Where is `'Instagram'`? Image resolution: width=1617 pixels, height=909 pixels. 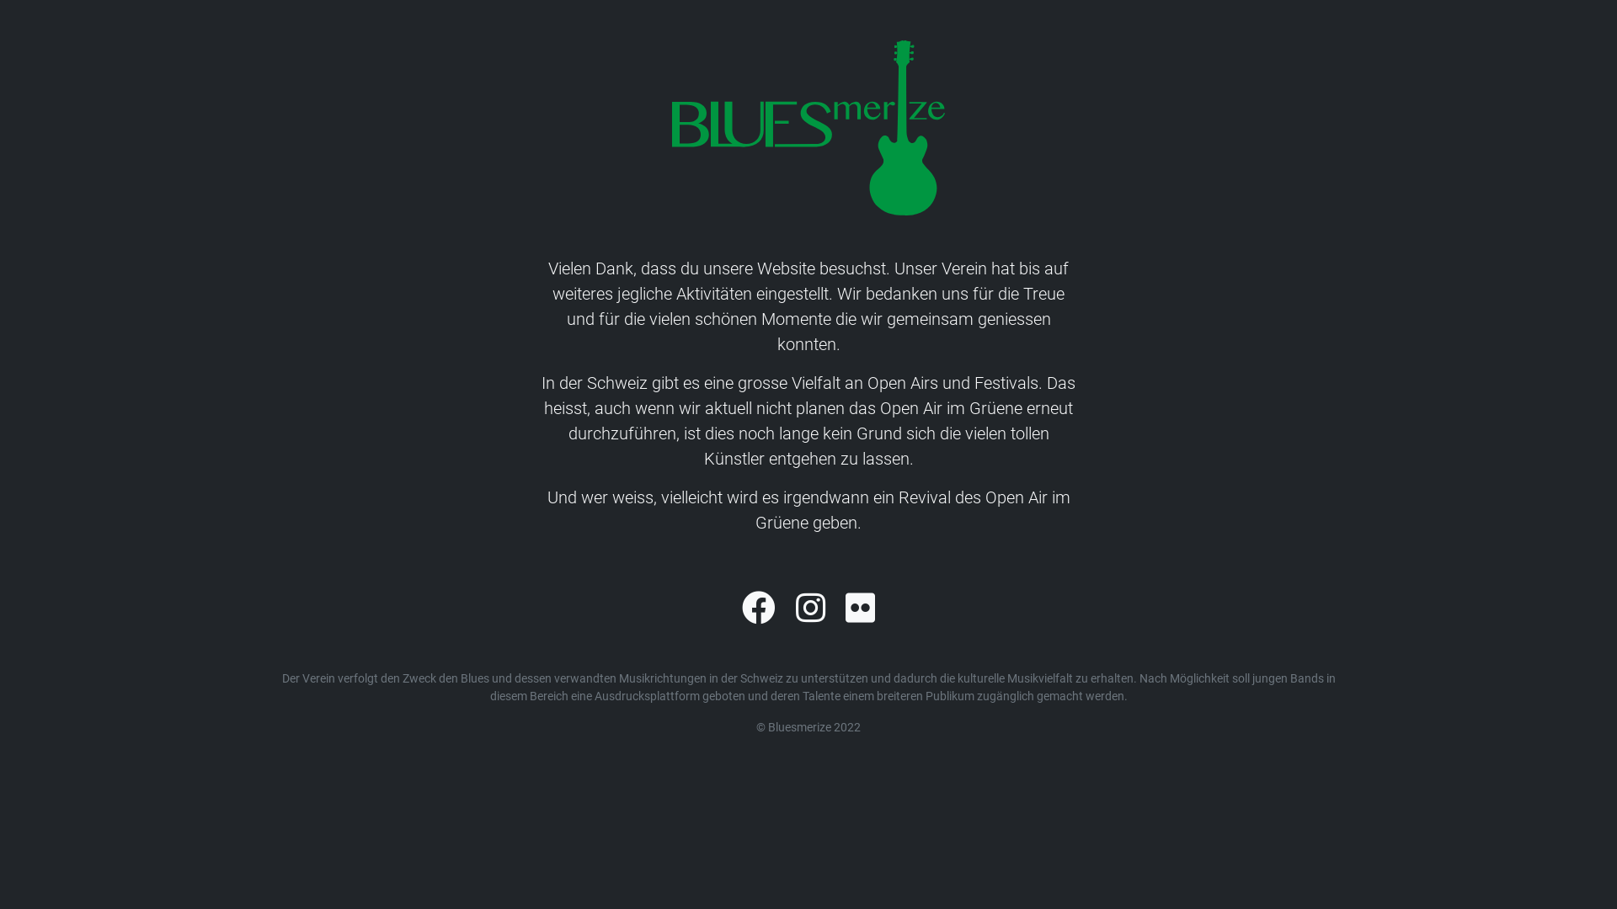
'Instagram' is located at coordinates (810, 609).